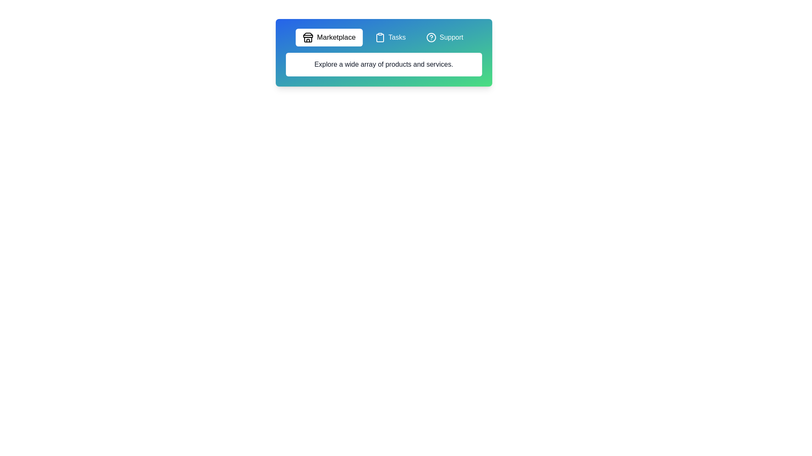  What do you see at coordinates (329, 37) in the screenshot?
I see `the tab labeled Marketplace to inspect its icon` at bounding box center [329, 37].